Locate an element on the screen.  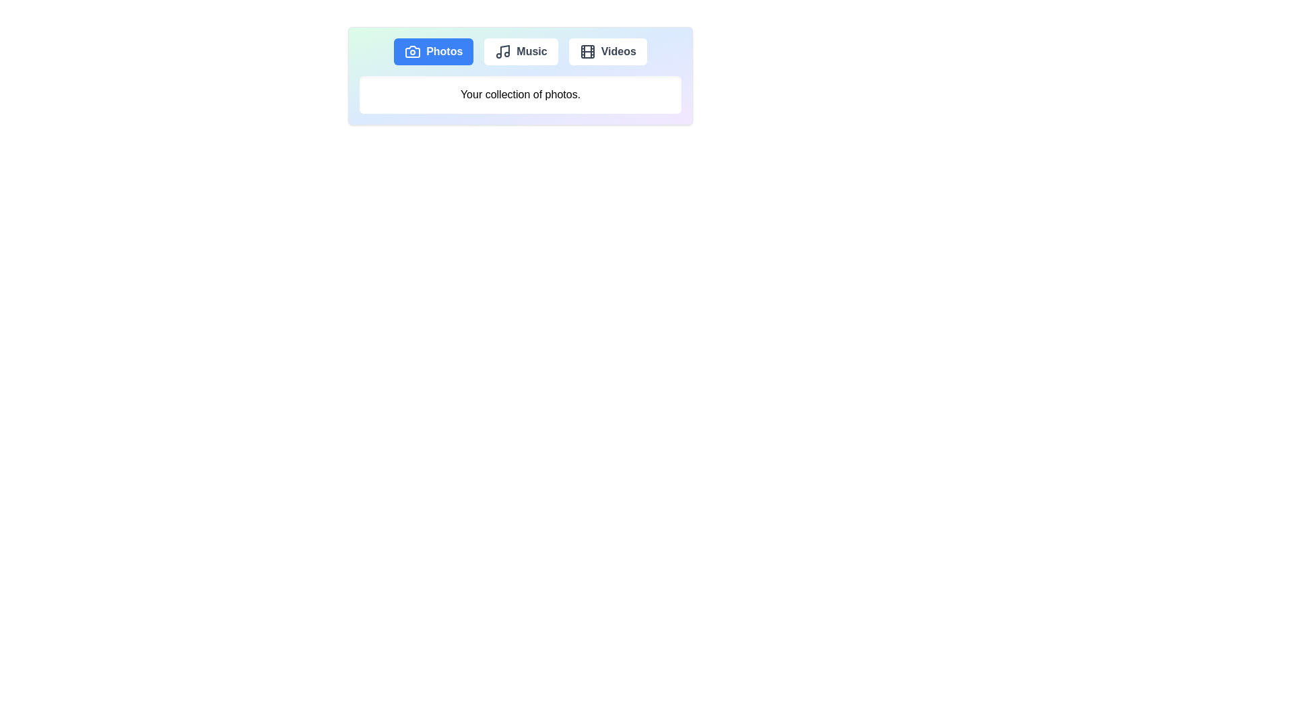
the Text Display that shows the phrase 'Your collection of photos.' which is styled with a white background and positioned centrally beneath the buttons labeled 'Photos', 'Music', and 'Videos' is located at coordinates (519, 94).